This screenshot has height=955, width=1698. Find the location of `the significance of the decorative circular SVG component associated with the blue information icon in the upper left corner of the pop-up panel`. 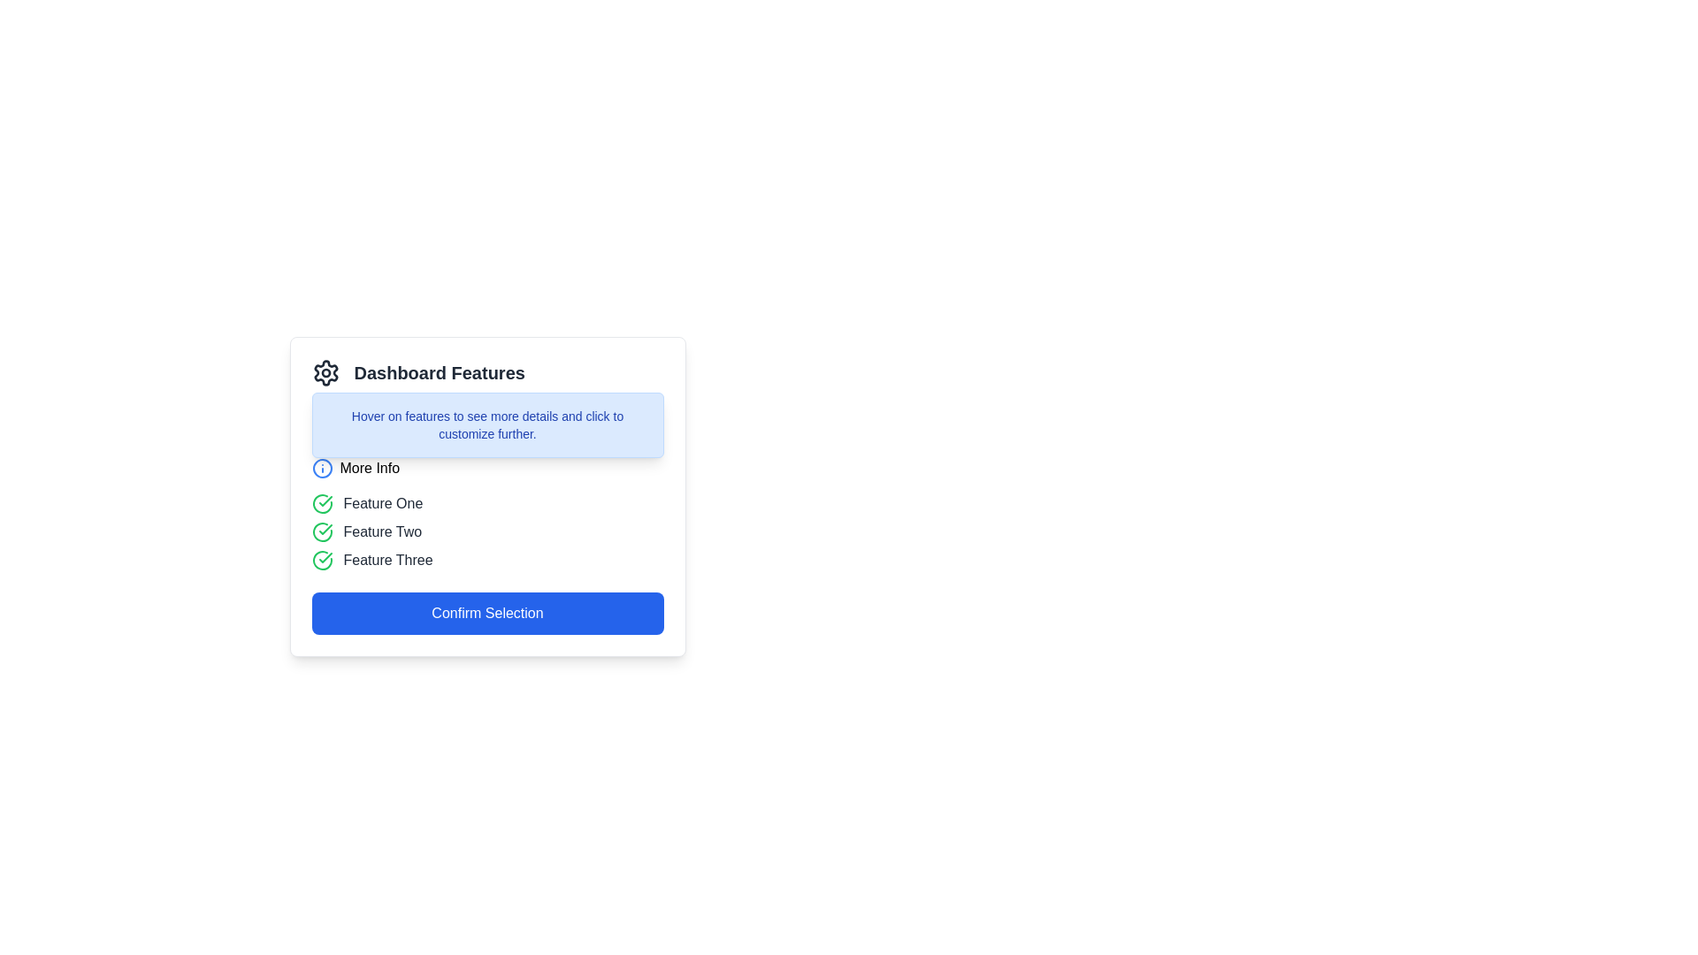

the significance of the decorative circular SVG component associated with the blue information icon in the upper left corner of the pop-up panel is located at coordinates (322, 467).